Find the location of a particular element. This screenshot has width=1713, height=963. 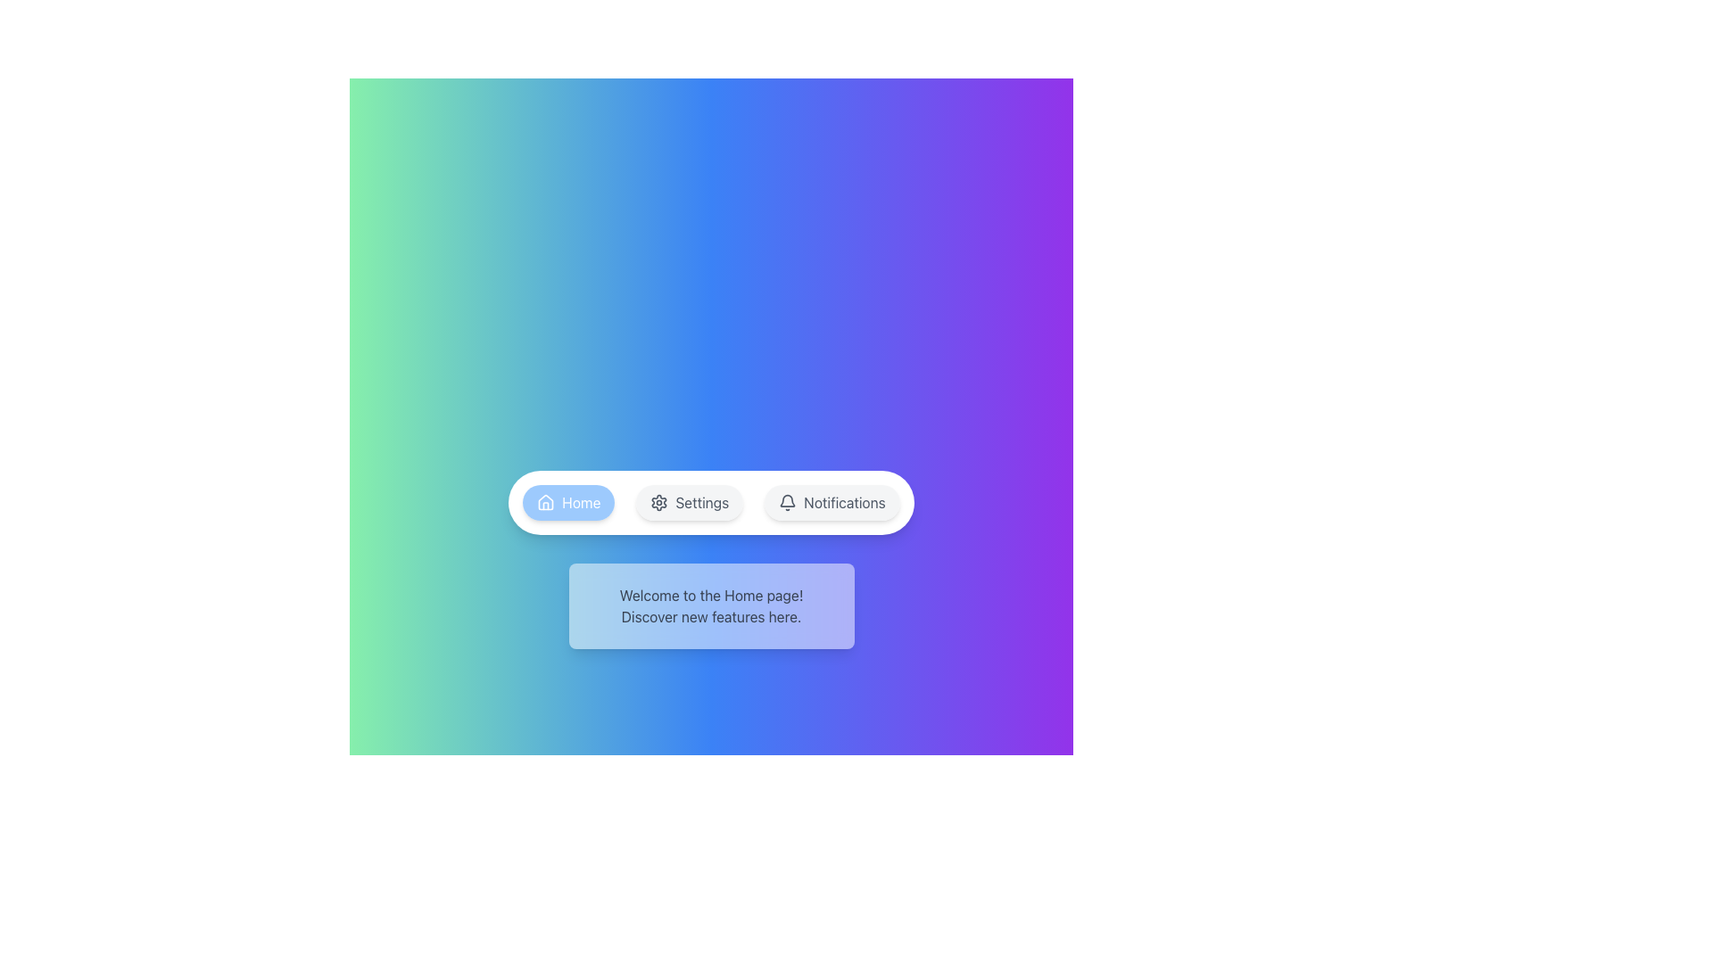

the house icon located at the left end of the top navigation bar, which resembles a typical home illustration is located at coordinates (545, 502).